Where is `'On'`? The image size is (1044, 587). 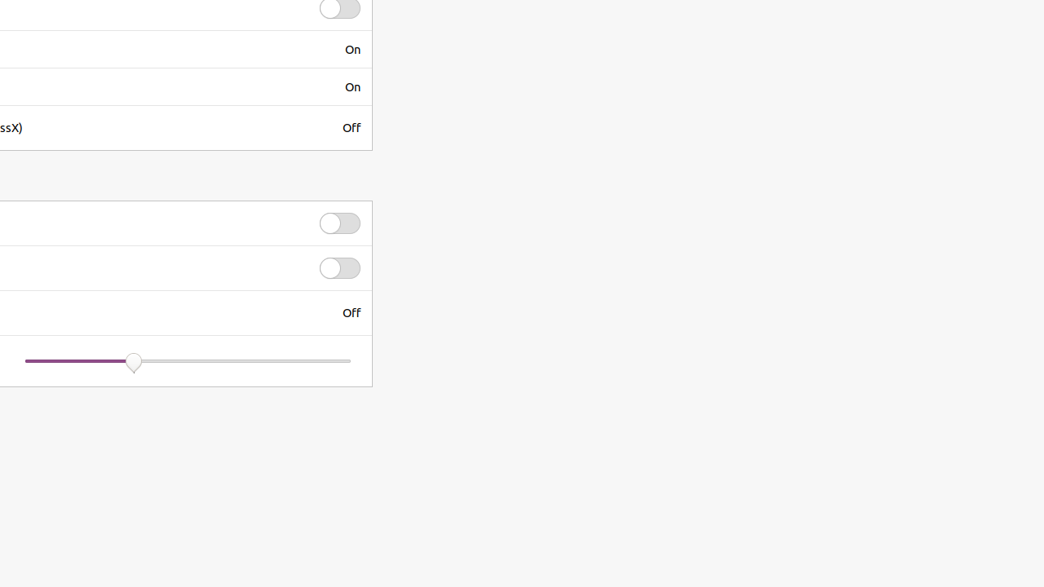 'On' is located at coordinates (352, 48).